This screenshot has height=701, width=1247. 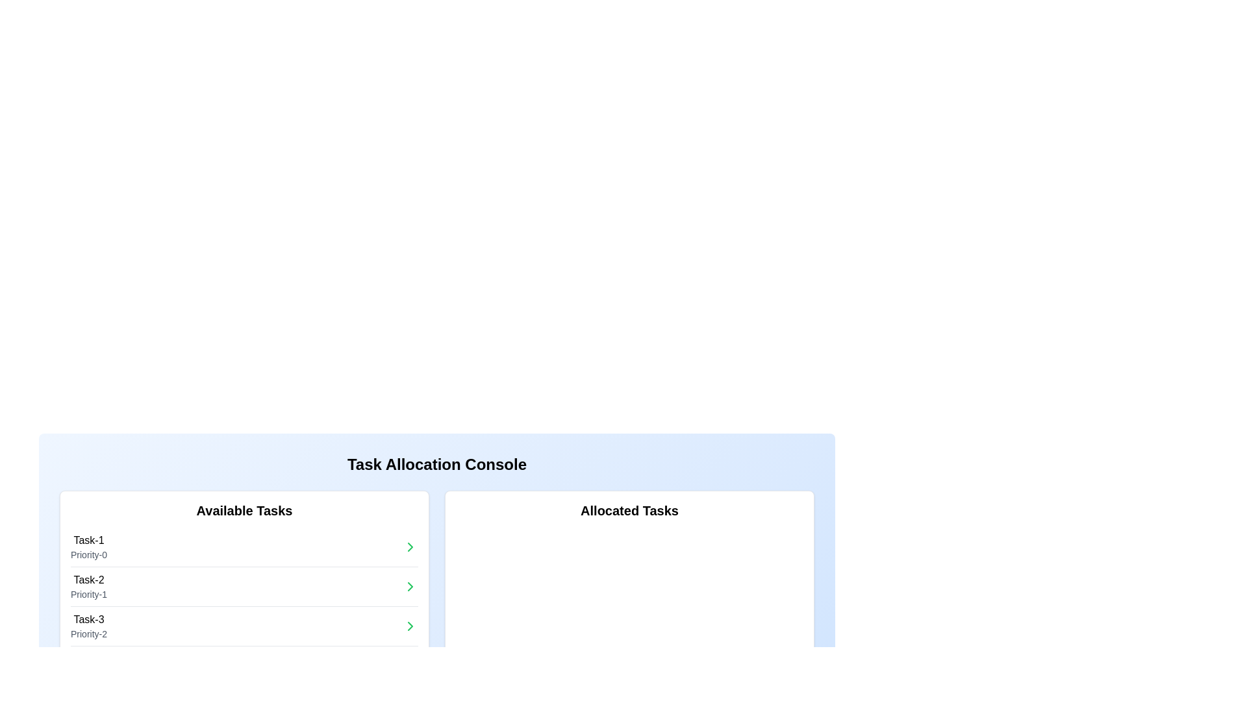 What do you see at coordinates (88, 580) in the screenshot?
I see `the text label 'Task-2' located under the header 'Available Tasks'` at bounding box center [88, 580].